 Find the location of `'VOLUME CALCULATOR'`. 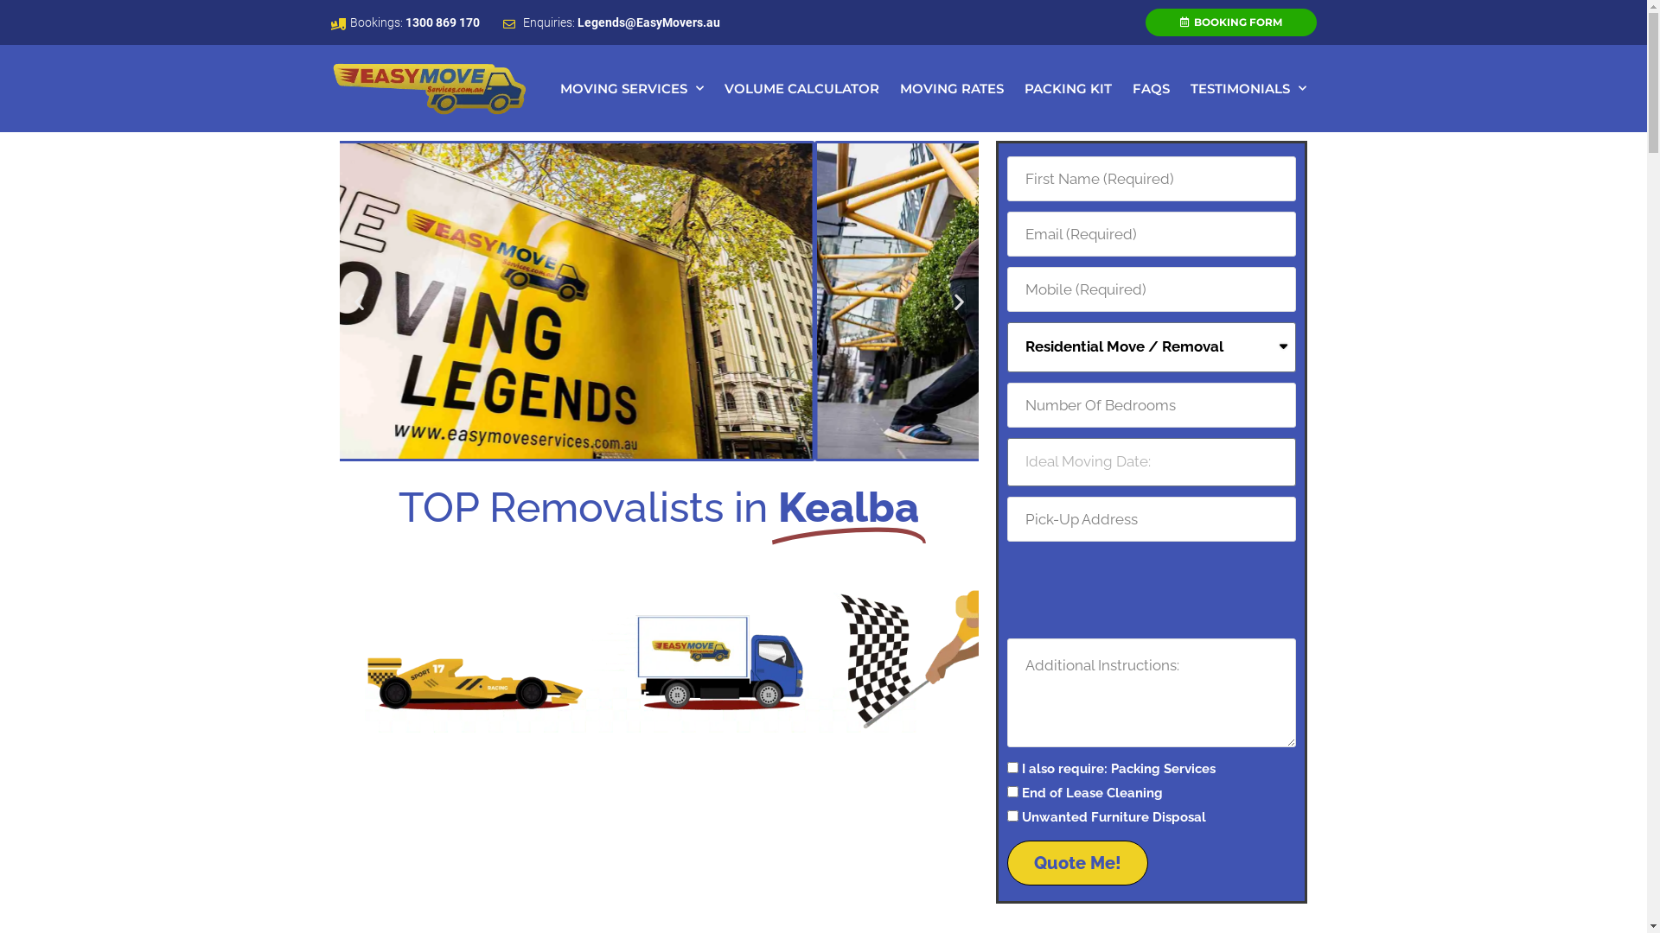

'VOLUME CALCULATOR' is located at coordinates (801, 89).